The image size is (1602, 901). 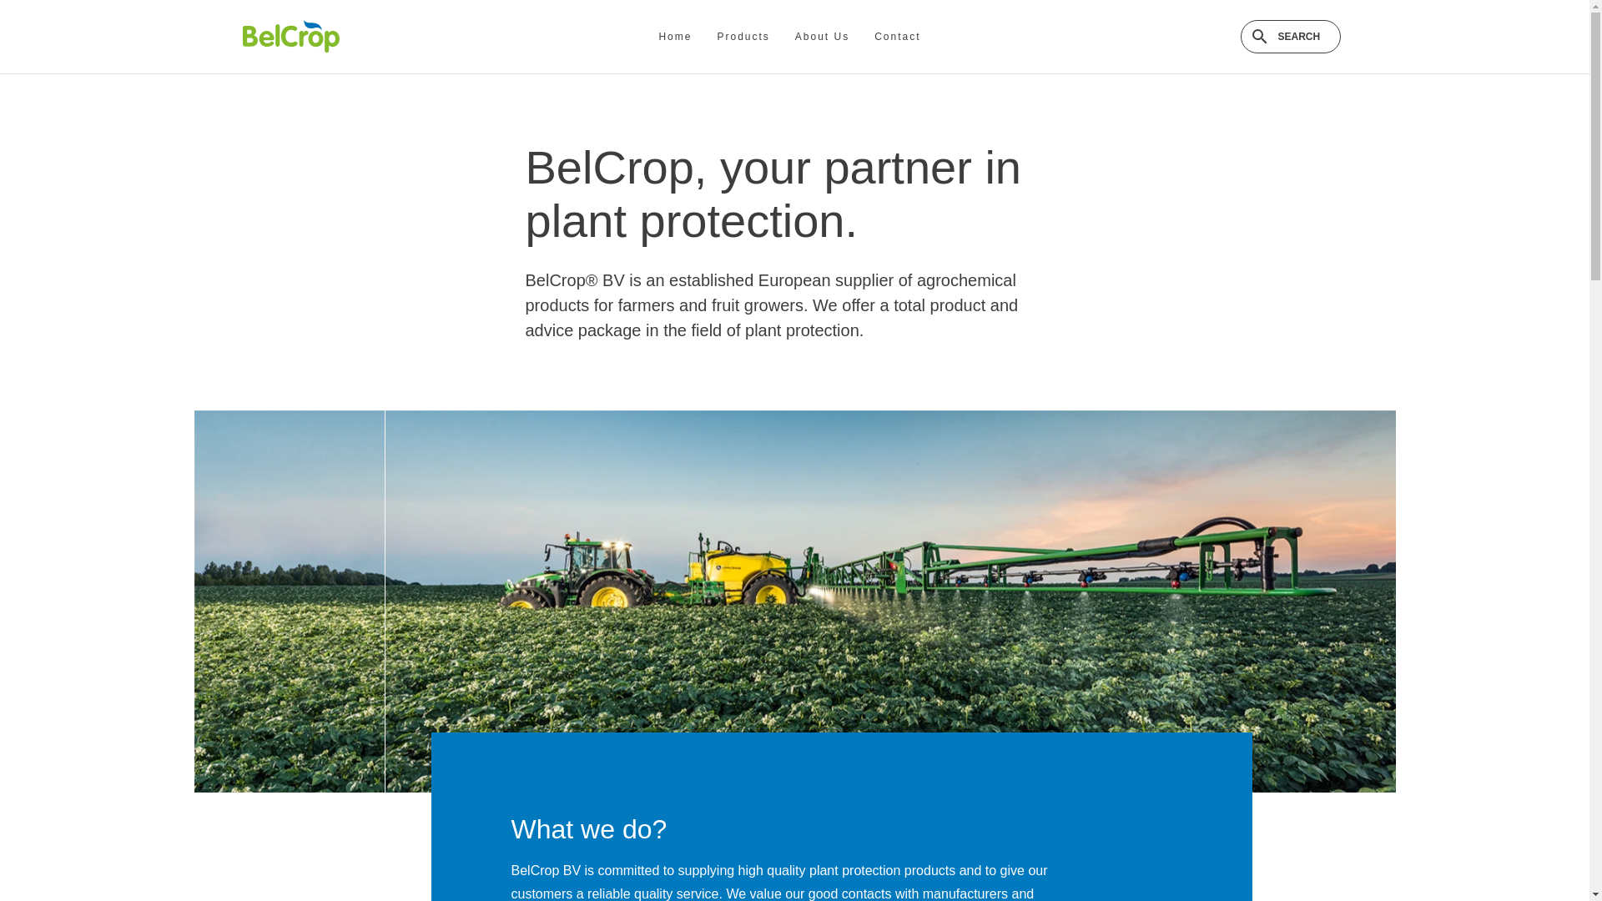 I want to click on 'About Us', so click(x=822, y=36).